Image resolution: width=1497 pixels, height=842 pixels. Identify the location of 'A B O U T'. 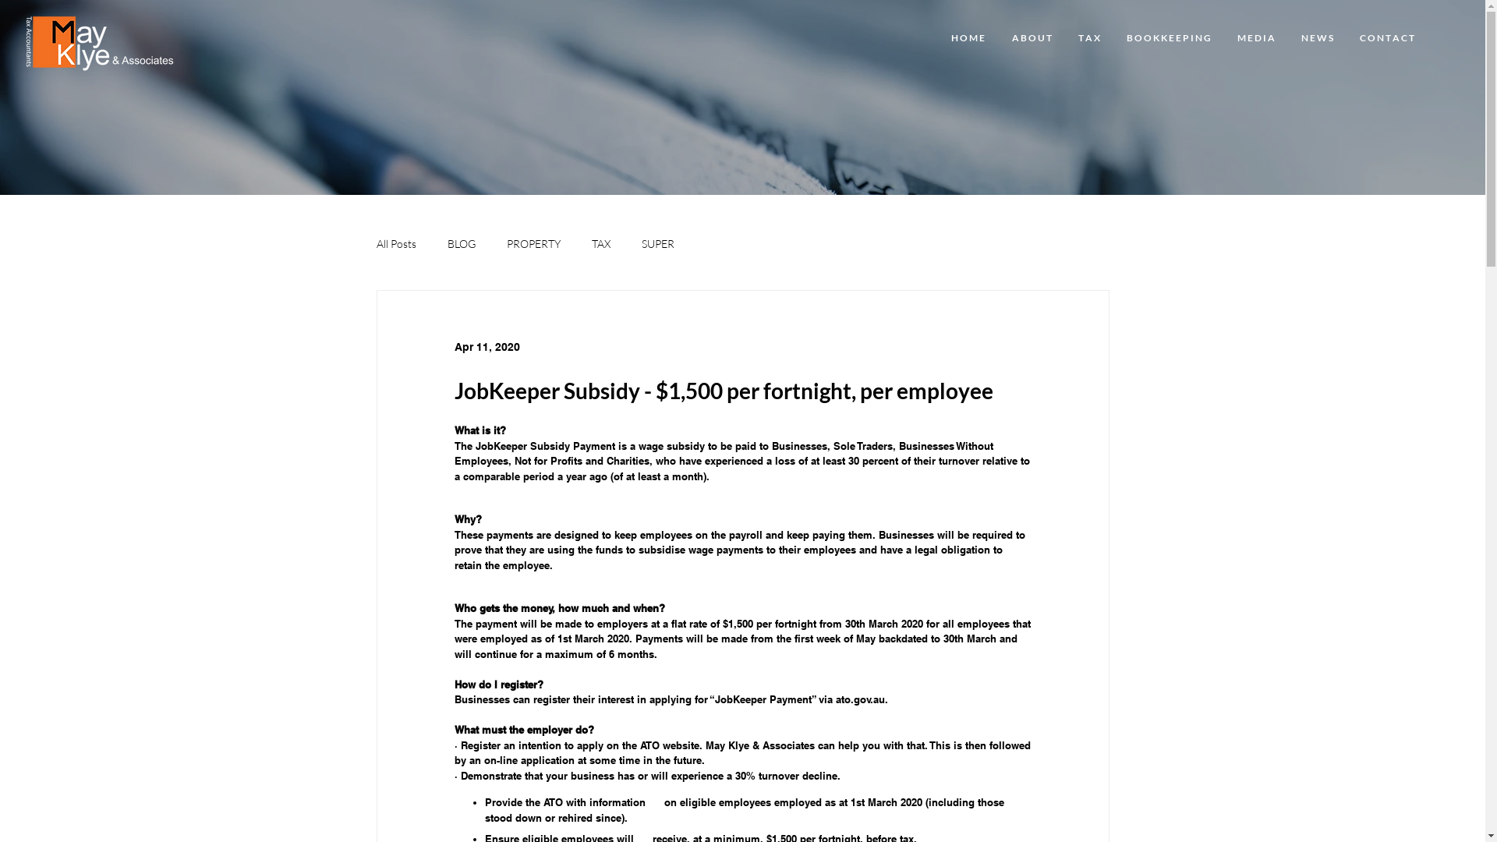
(998, 37).